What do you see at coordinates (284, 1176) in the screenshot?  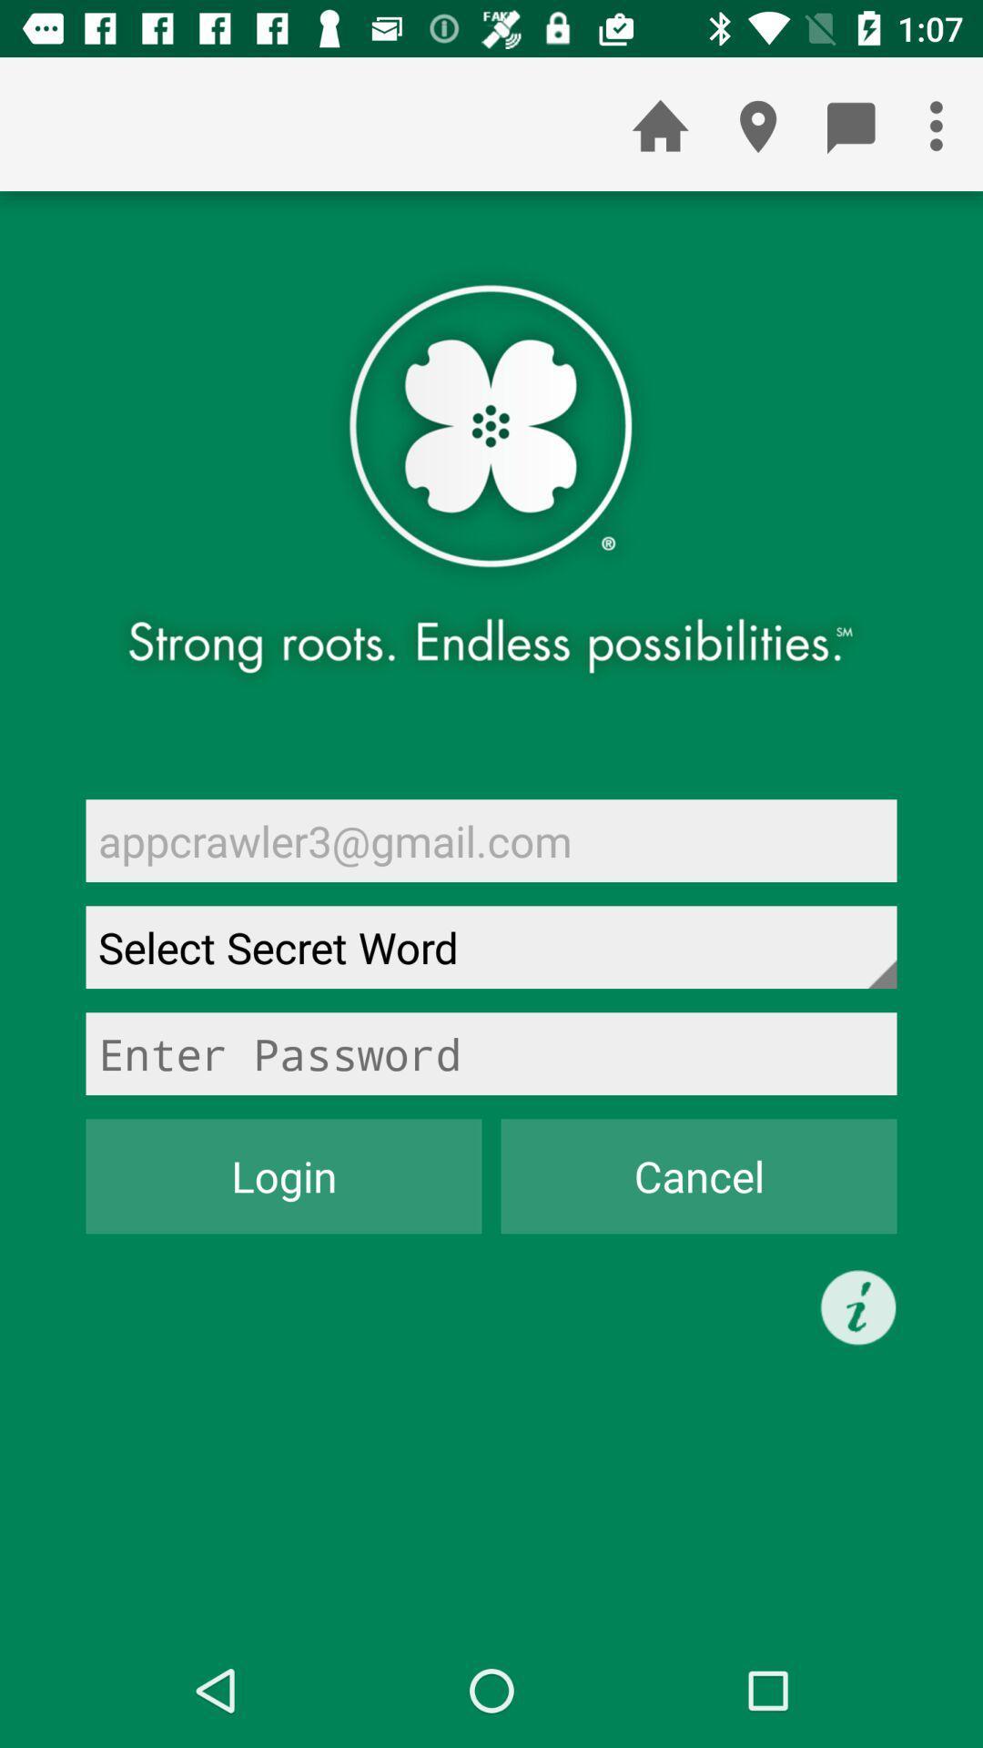 I see `the icon at the bottom left corner` at bounding box center [284, 1176].